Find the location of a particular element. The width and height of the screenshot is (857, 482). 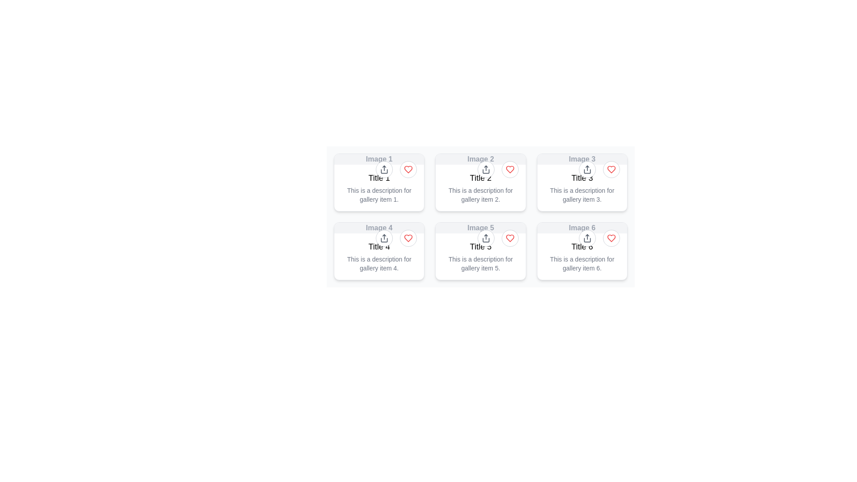

the red heart-shaped icon indicating a 'like' action located in the gallery card for 'Image 5 Title 5' is located at coordinates (510, 237).